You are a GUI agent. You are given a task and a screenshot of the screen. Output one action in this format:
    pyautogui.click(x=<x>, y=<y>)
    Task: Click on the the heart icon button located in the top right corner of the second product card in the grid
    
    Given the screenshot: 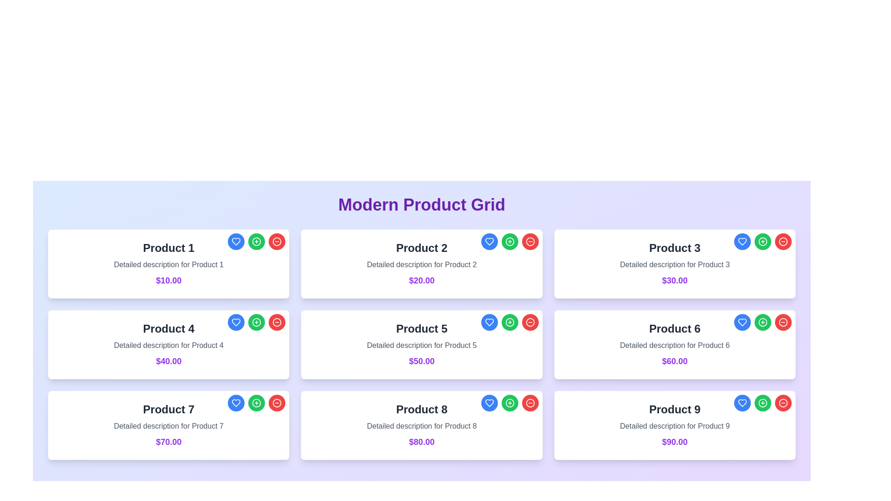 What is the action you would take?
    pyautogui.click(x=489, y=241)
    